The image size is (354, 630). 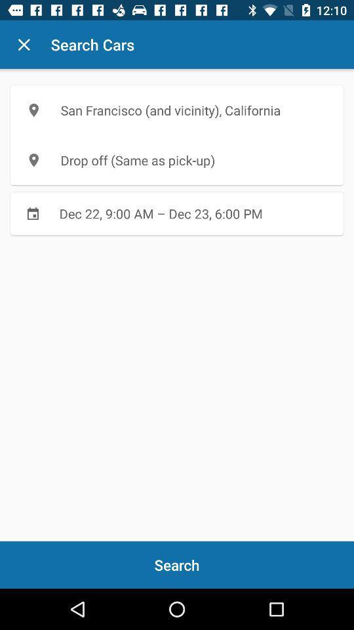 What do you see at coordinates (24, 45) in the screenshot?
I see `item next to search cars icon` at bounding box center [24, 45].